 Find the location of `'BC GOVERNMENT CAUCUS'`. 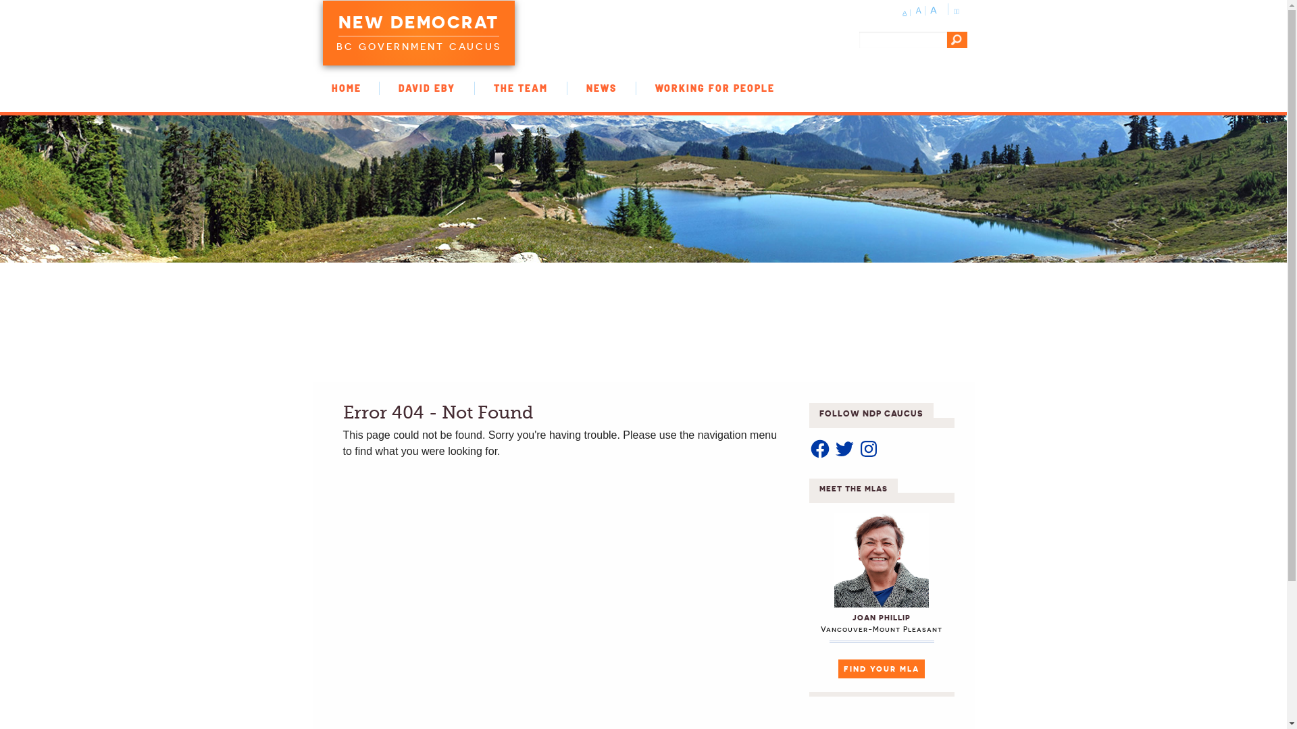

'BC GOVERNMENT CAUCUS' is located at coordinates (417, 43).